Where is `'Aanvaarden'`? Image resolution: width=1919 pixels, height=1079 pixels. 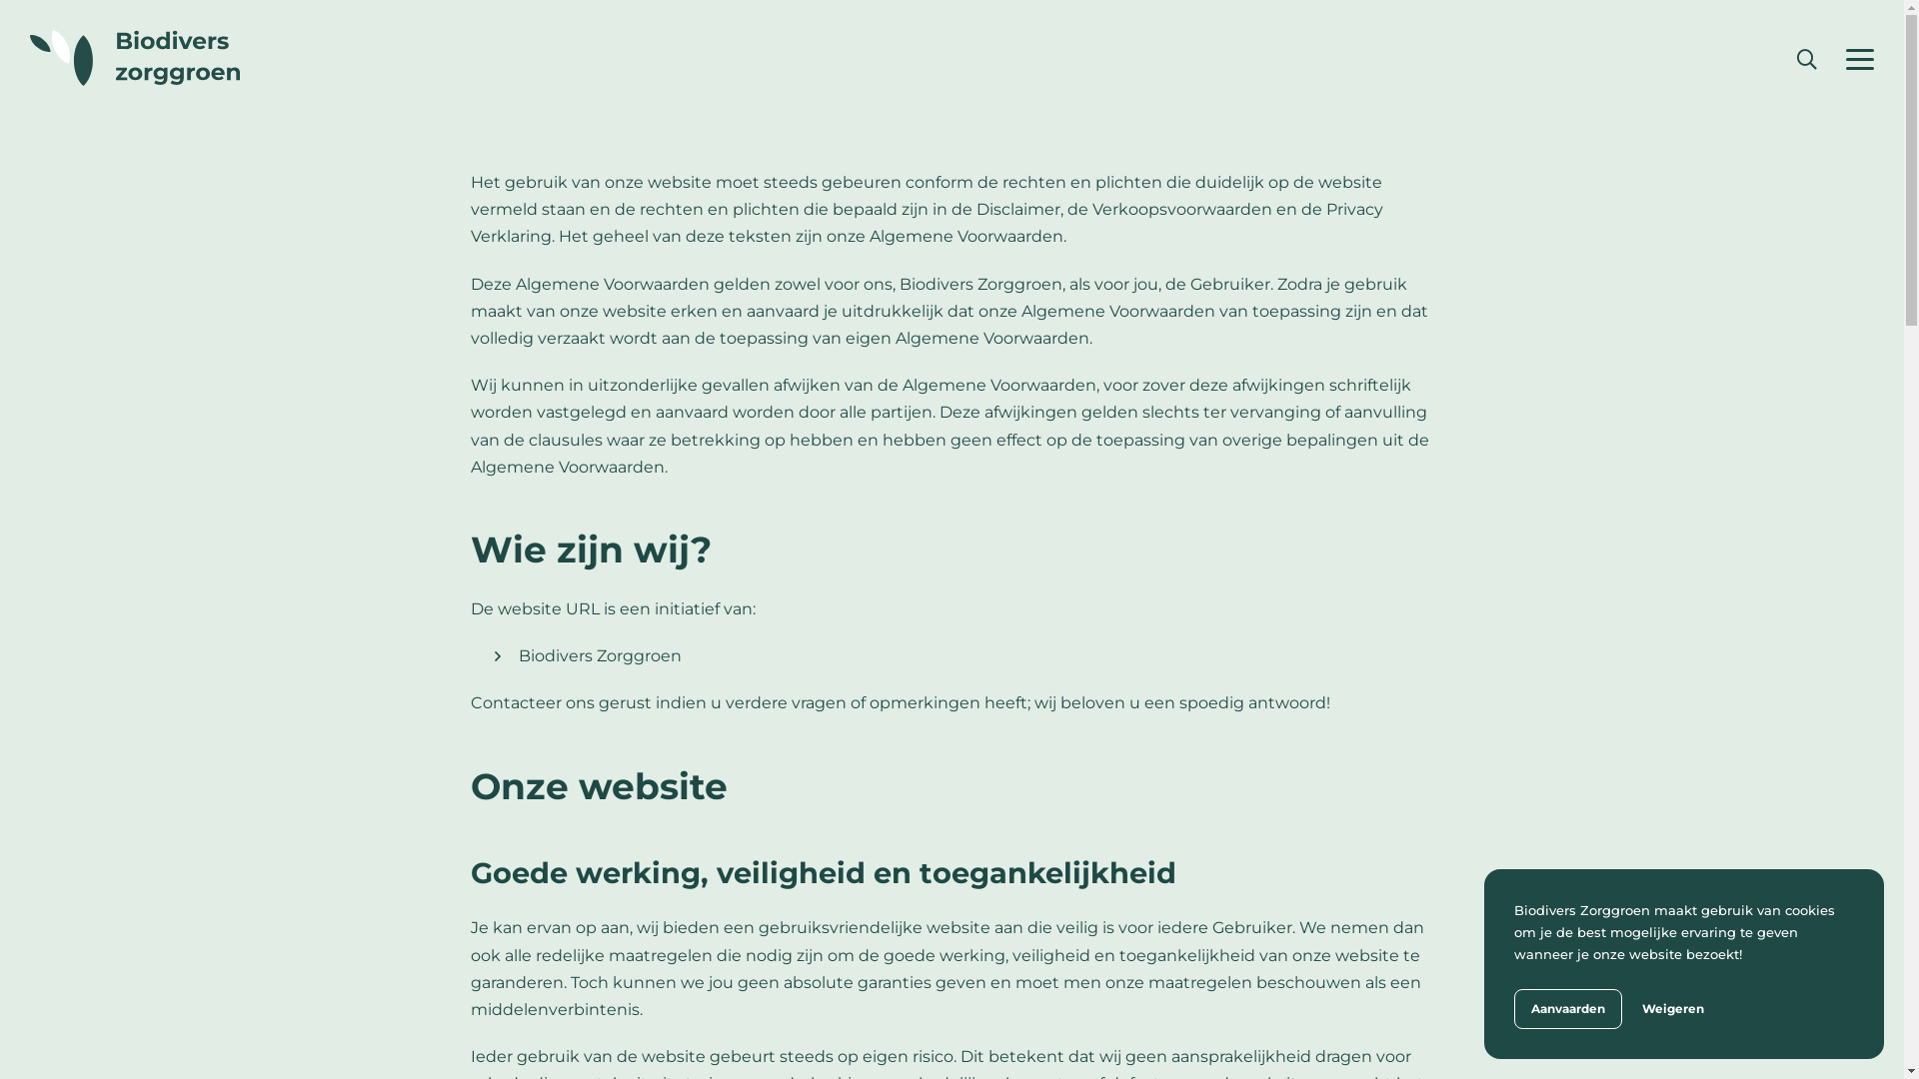 'Aanvaarden' is located at coordinates (1567, 1009).